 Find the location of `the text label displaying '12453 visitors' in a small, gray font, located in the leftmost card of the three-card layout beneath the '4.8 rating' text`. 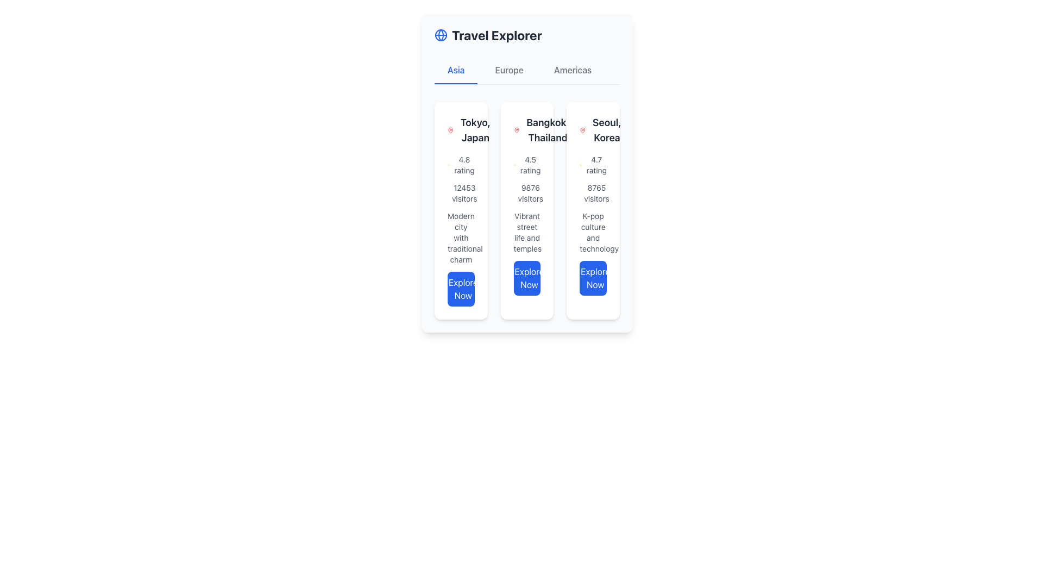

the text label displaying '12453 visitors' in a small, gray font, located in the leftmost card of the three-card layout beneath the '4.8 rating' text is located at coordinates (464, 192).